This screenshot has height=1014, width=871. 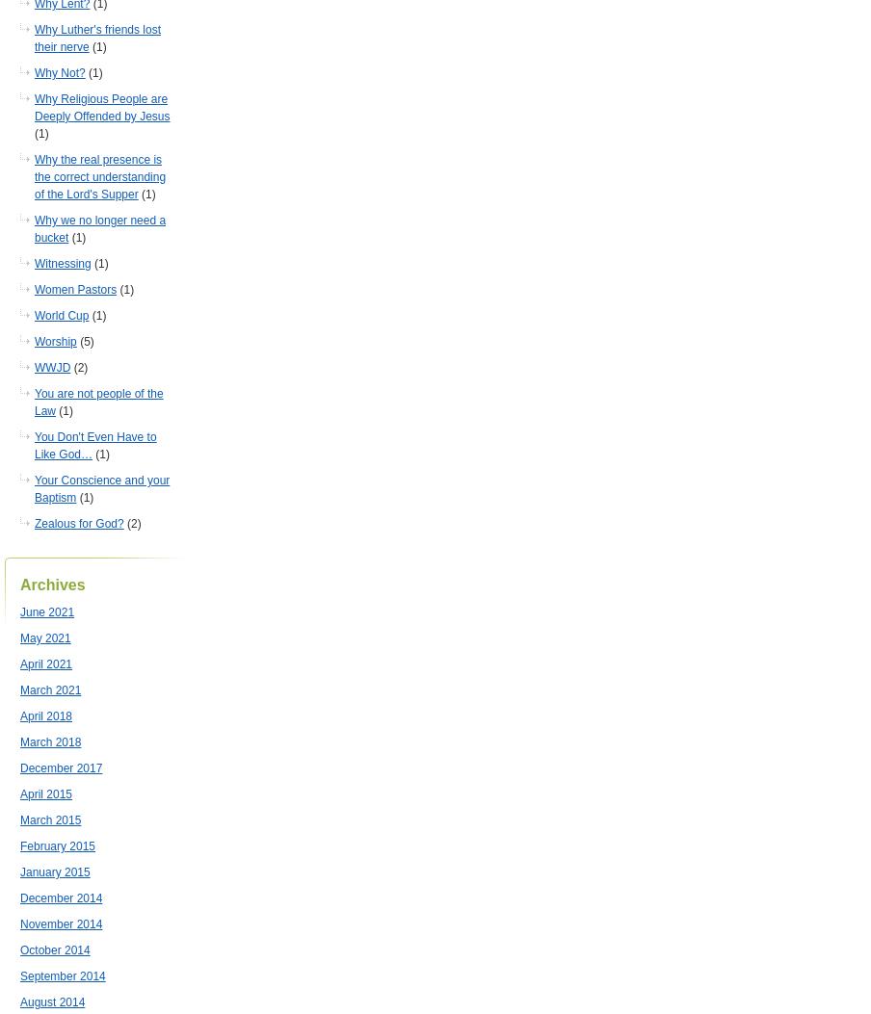 I want to click on 'Why Religious People are Deeply Offended by Jesus', so click(x=33, y=108).